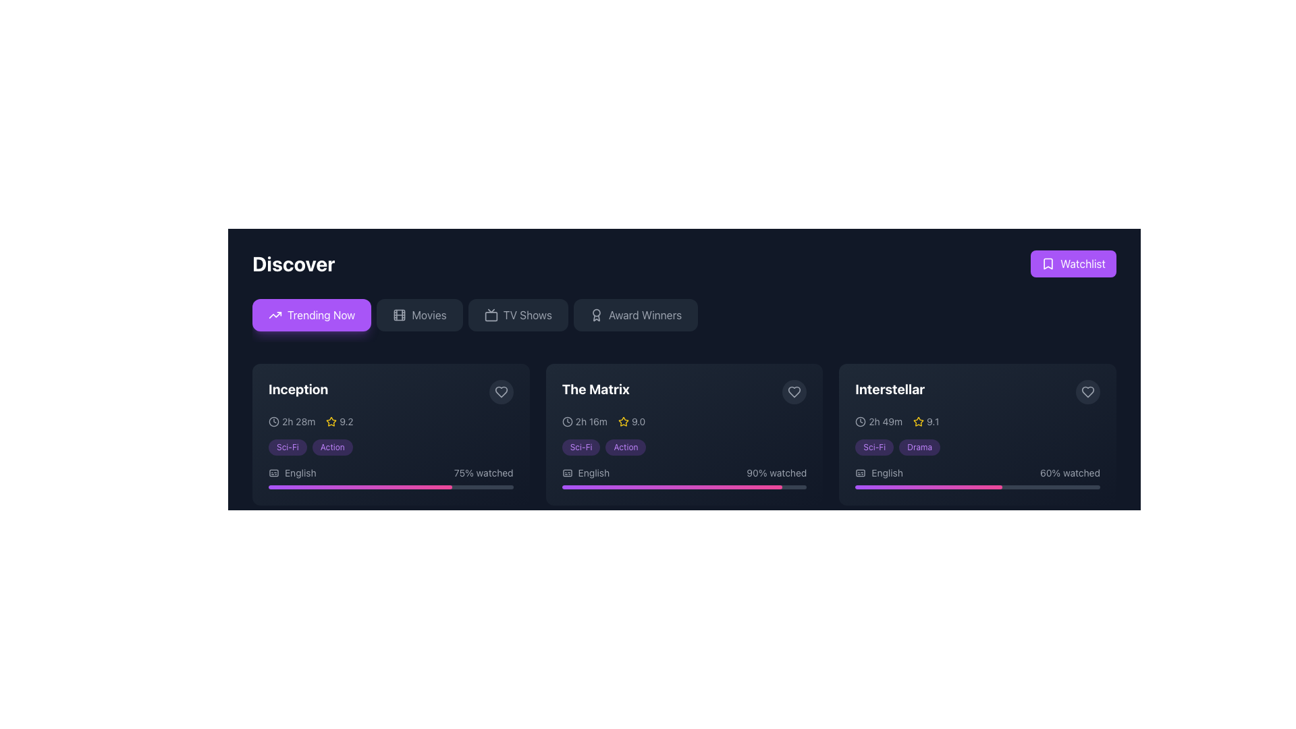  What do you see at coordinates (932, 421) in the screenshot?
I see `the text label displaying the rating score for the movie 'Interstellar', which is located to the right of the star icon and vertically centered in the content area` at bounding box center [932, 421].